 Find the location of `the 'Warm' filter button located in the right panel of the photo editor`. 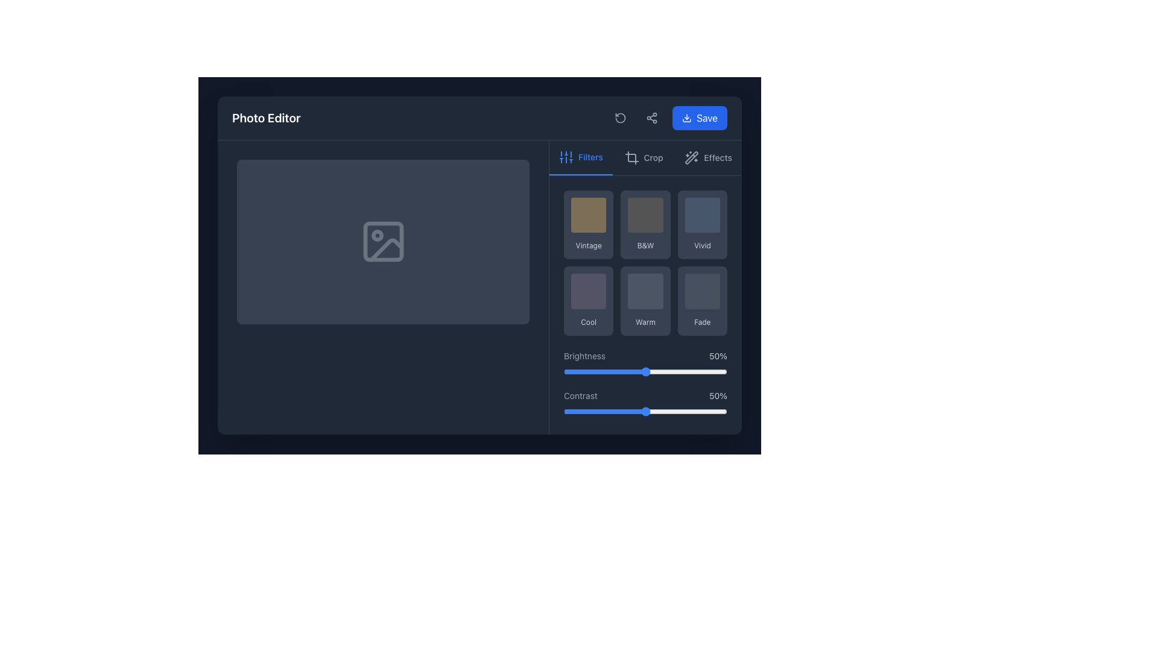

the 'Warm' filter button located in the right panel of the photo editor is located at coordinates (645, 286).